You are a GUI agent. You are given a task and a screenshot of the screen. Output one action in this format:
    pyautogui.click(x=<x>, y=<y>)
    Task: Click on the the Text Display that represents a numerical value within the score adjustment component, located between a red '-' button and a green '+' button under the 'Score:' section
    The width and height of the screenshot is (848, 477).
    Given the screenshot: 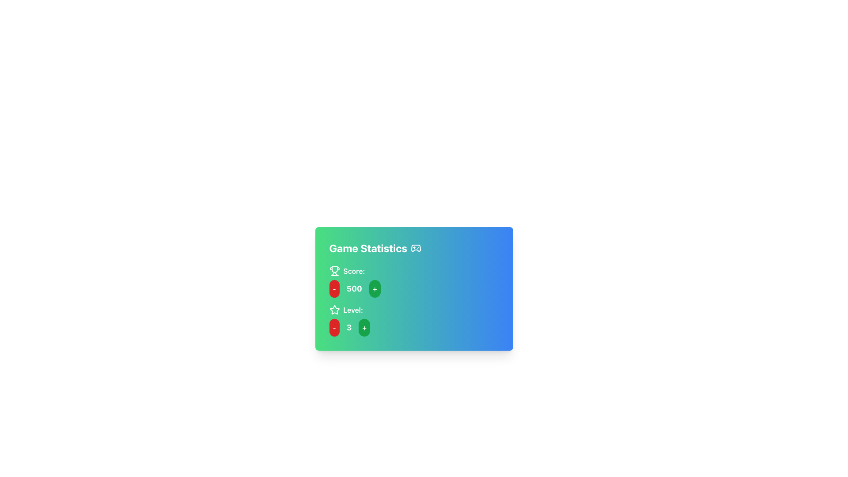 What is the action you would take?
    pyautogui.click(x=354, y=289)
    